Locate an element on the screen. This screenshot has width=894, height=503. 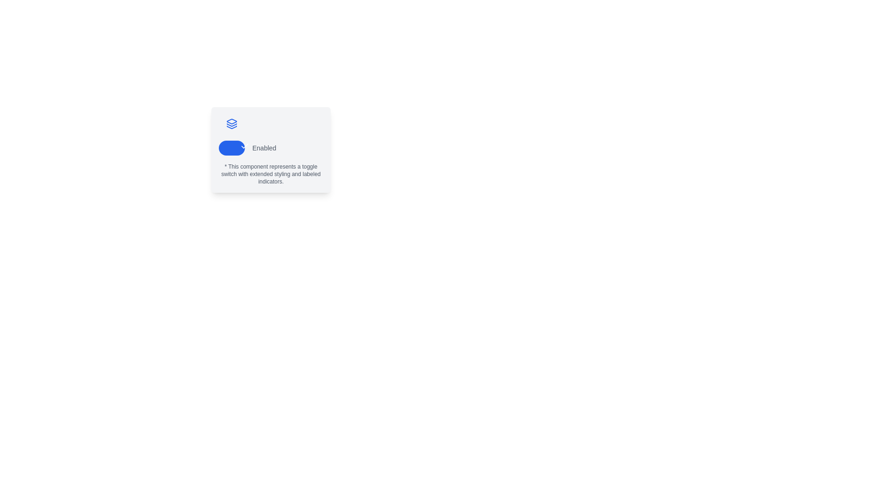
the topmost SVG graphic icon that symbolizes layers or hierarchy within the card-like section of the UI is located at coordinates (232, 121).